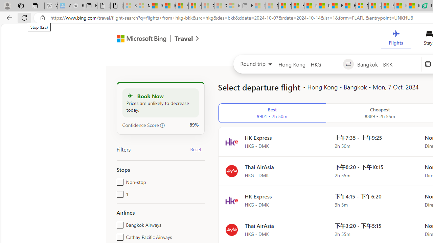  What do you see at coordinates (150, 39) in the screenshot?
I see `'Microsoft Bing Travel'` at bounding box center [150, 39].